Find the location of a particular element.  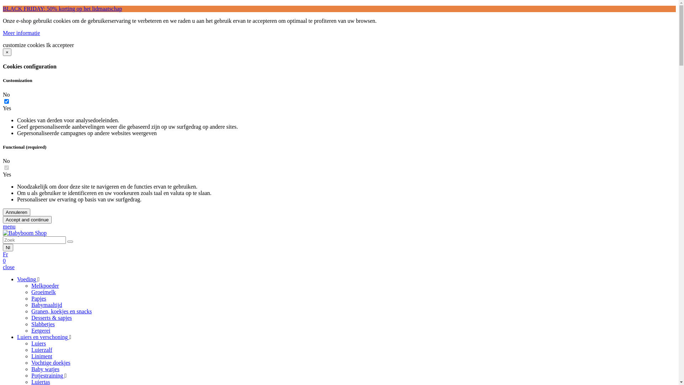

'BLACK FRIDAY: 50% korting op het lidmaatschap' is located at coordinates (62, 9).